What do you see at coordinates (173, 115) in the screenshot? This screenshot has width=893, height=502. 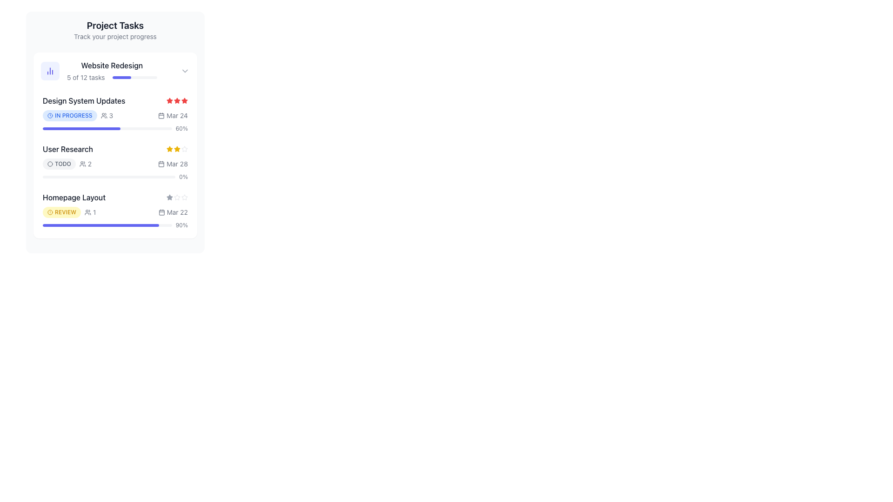 I see `the informational text element indicating the date associated with the task 'Design System Updates', positioned next to the 'IN PROGRESS' label and the number '3'` at bounding box center [173, 115].